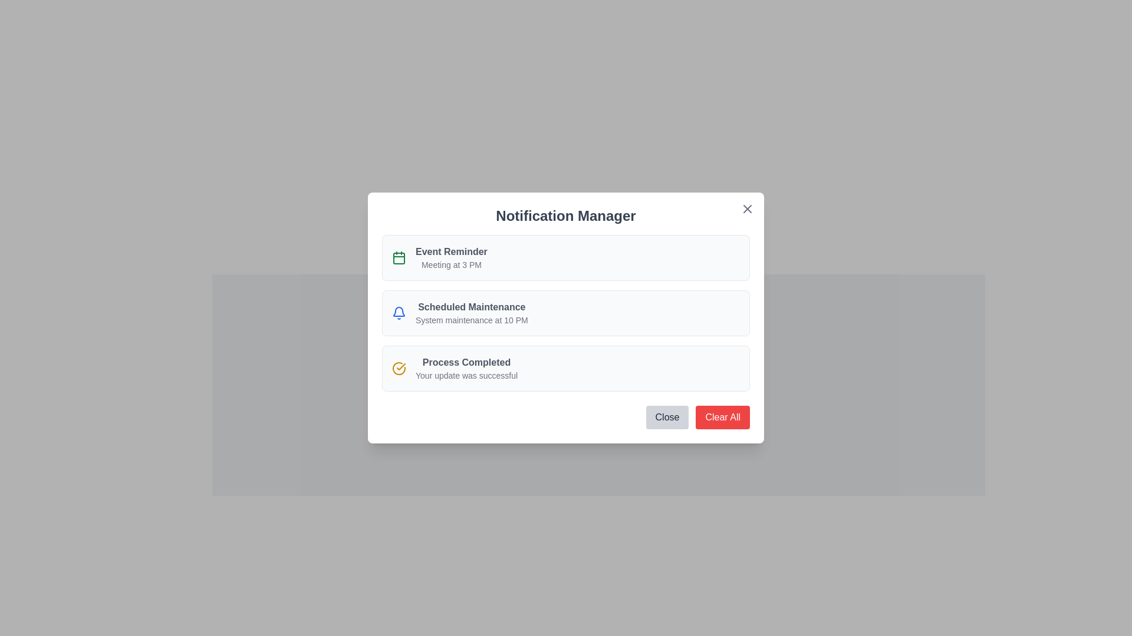  I want to click on the circular graphical element that is part of the checkmark icon in the Notification Manager, which signals completion or success, so click(399, 367).